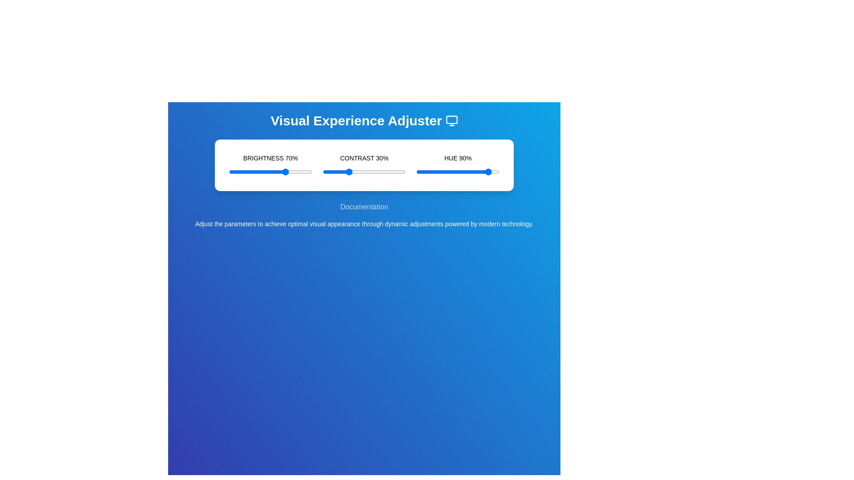 The image size is (854, 480). What do you see at coordinates (364, 224) in the screenshot?
I see `the description text located below the sliders to understand the panel's purpose` at bounding box center [364, 224].